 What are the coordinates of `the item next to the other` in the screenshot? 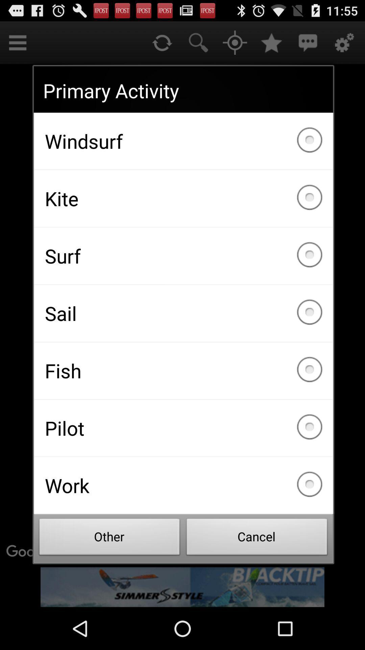 It's located at (257, 538).